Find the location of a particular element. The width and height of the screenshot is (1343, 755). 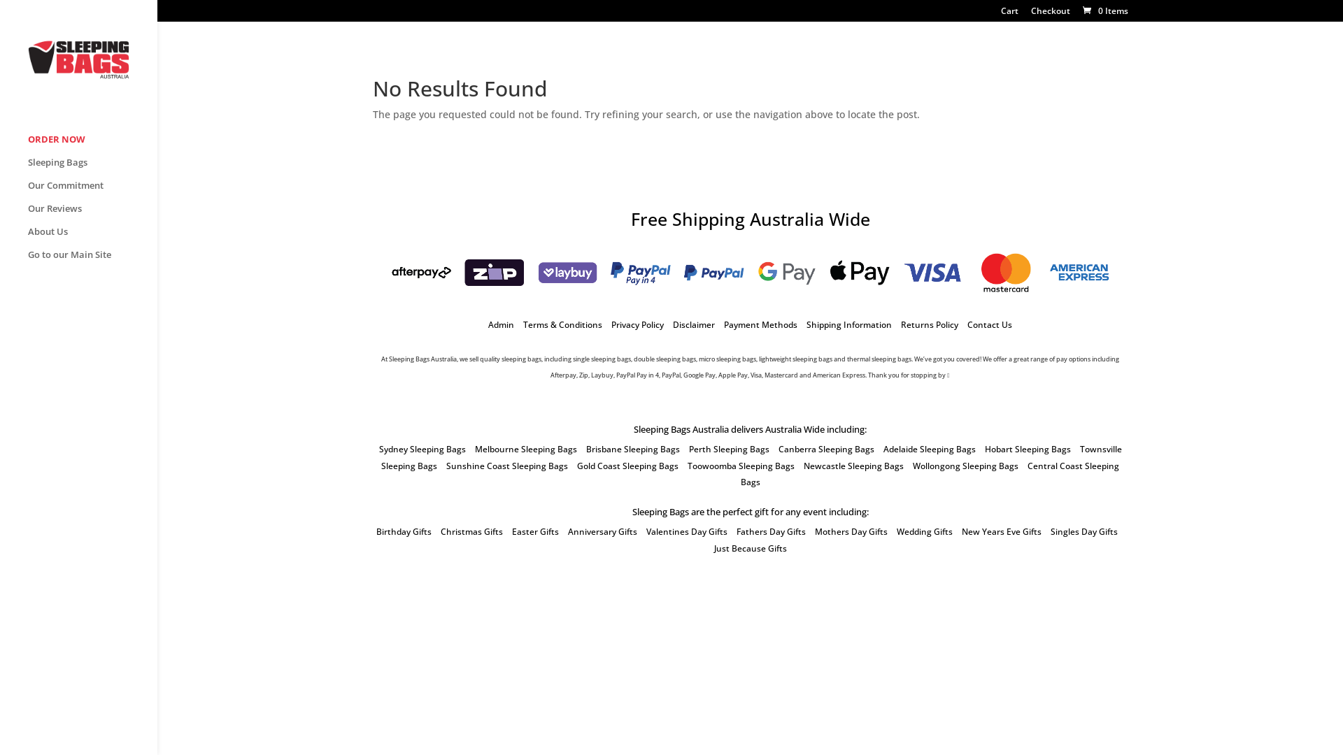

'Birthday Gifts' is located at coordinates (403, 531).